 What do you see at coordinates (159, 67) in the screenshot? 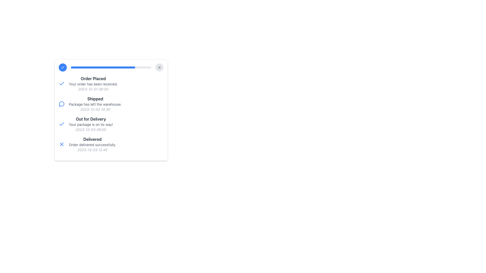
I see `the 'X' icon within the circular button located at the top-right corner of the card` at bounding box center [159, 67].